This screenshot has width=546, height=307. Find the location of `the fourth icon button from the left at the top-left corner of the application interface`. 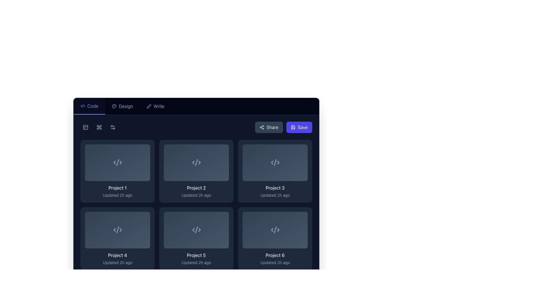

the fourth icon button from the left at the top-left corner of the application interface is located at coordinates (113, 127).